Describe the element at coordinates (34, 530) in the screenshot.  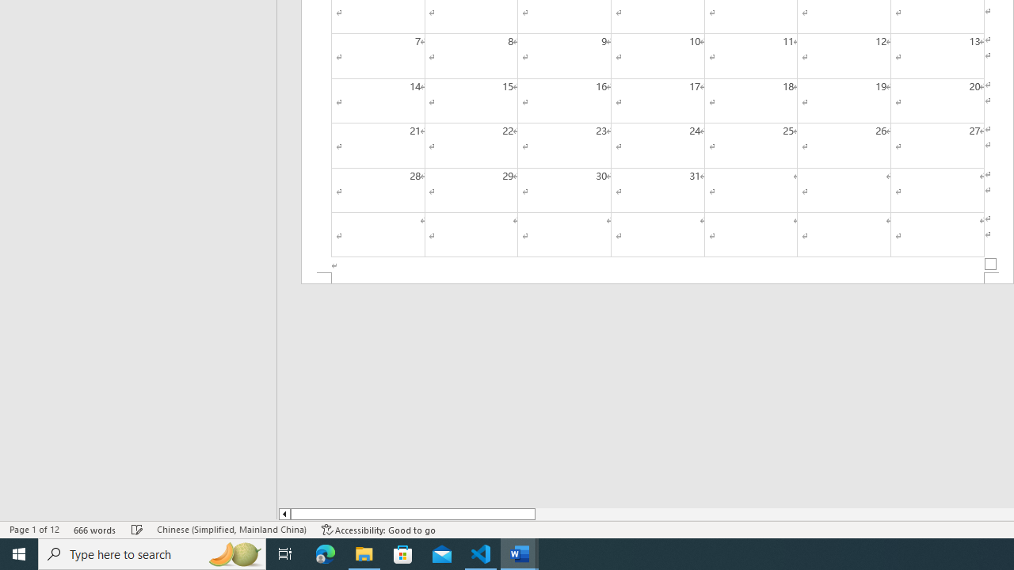
I see `'Page Number Page 1 of 12'` at that location.